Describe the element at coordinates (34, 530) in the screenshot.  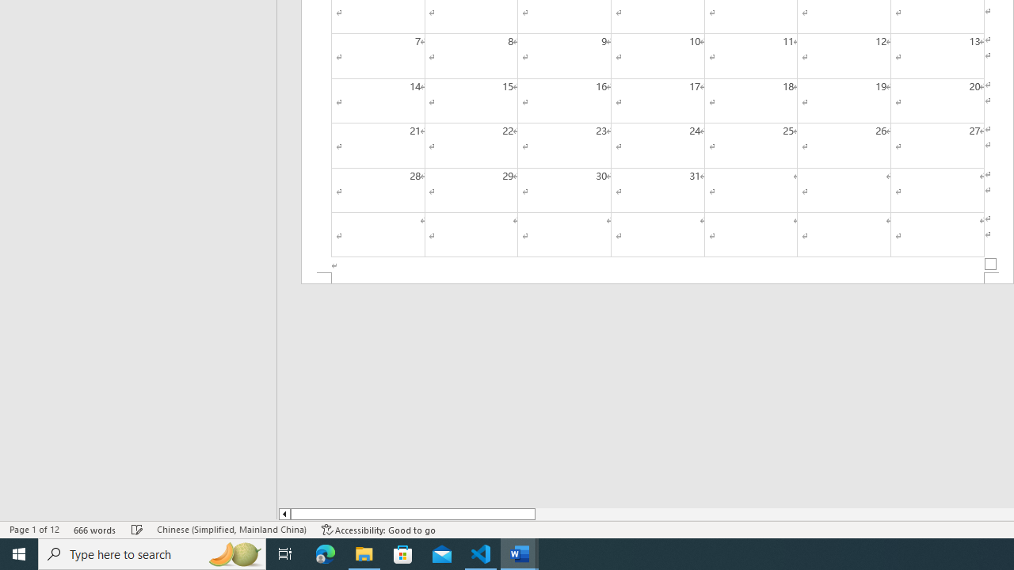
I see `'Page Number Page 1 of 12'` at that location.